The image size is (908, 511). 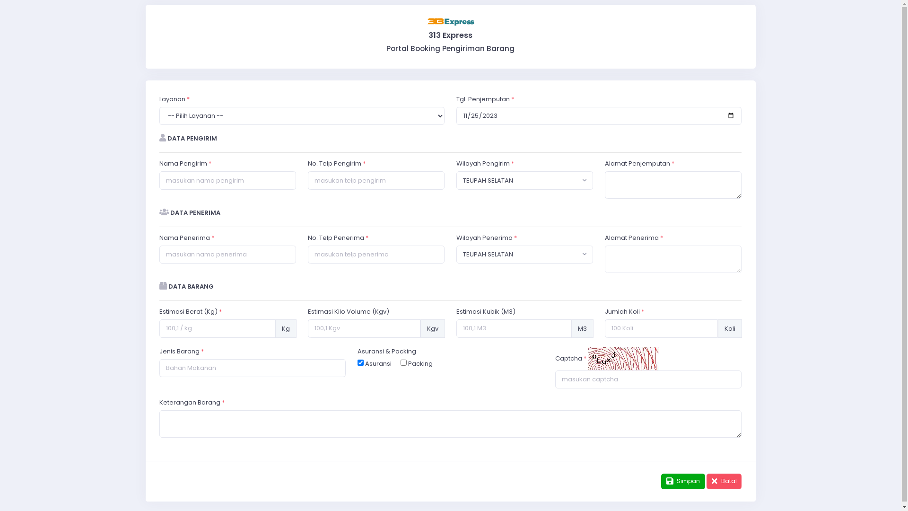 I want to click on 'Batal', so click(x=706, y=481).